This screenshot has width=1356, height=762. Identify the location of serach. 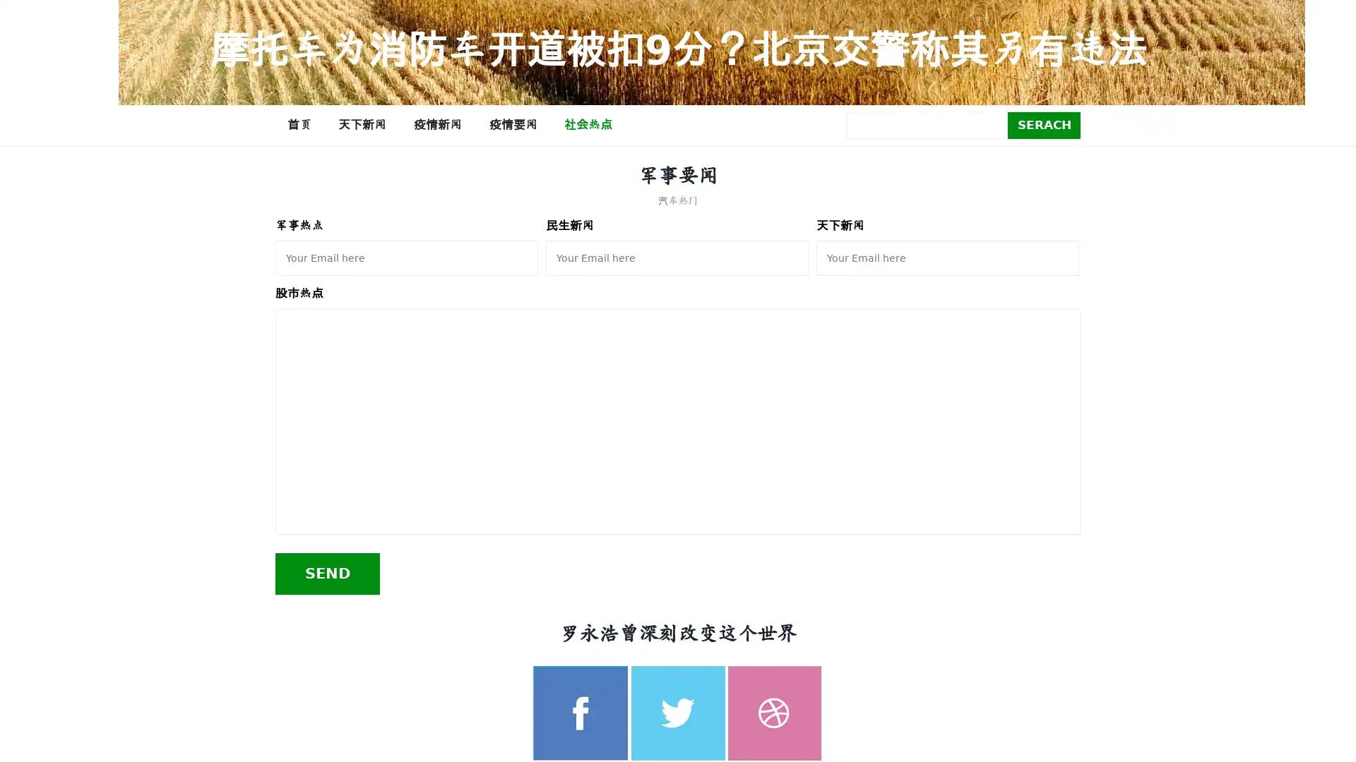
(1044, 124).